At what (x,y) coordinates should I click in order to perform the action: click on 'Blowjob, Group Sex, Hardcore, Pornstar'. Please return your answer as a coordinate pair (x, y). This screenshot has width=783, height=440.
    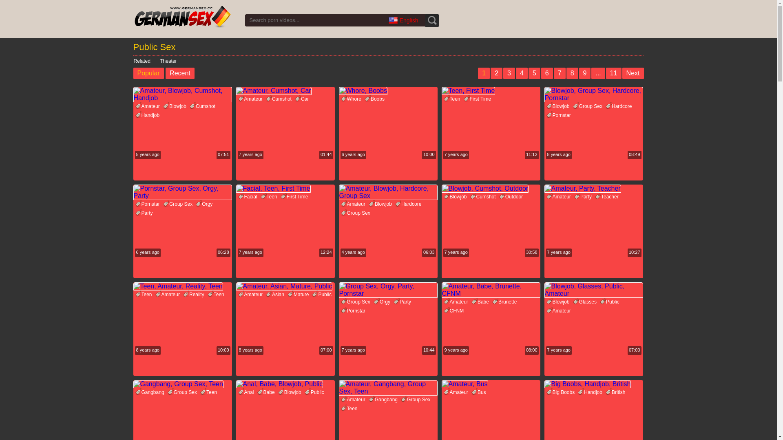
    Looking at the image, I should click on (593, 94).